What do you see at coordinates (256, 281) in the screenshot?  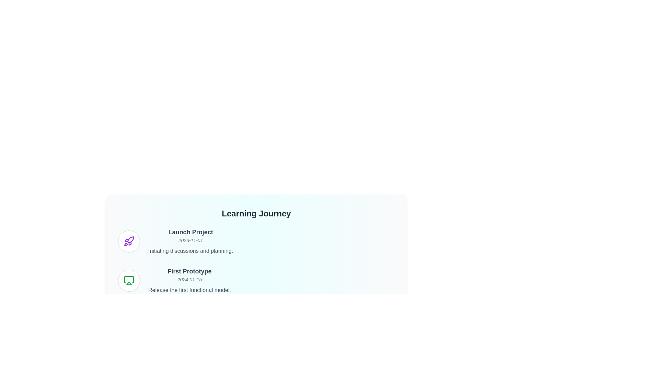 I see `the 'First Prototype' milestone card, which displays the milestone details including the date and description, positioned in the Learning Journey list` at bounding box center [256, 281].